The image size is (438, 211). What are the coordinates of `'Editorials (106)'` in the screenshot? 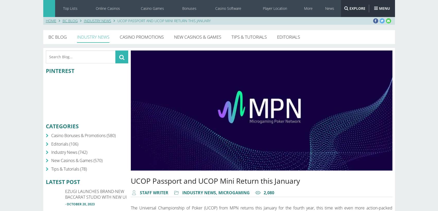 It's located at (64, 144).